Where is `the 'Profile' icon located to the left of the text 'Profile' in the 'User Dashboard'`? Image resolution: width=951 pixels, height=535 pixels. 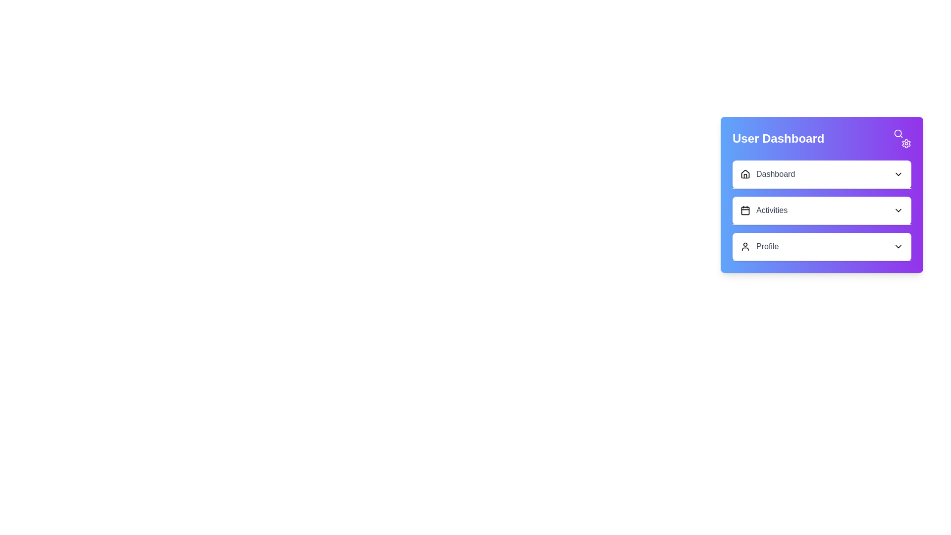 the 'Profile' icon located to the left of the text 'Profile' in the 'User Dashboard' is located at coordinates (745, 246).